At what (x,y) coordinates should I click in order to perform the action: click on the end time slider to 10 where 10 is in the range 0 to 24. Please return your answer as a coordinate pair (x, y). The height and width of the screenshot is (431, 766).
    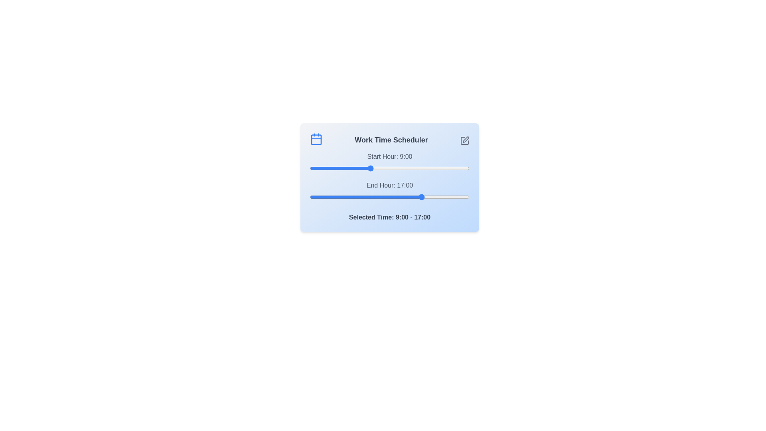
    Looking at the image, I should click on (376, 197).